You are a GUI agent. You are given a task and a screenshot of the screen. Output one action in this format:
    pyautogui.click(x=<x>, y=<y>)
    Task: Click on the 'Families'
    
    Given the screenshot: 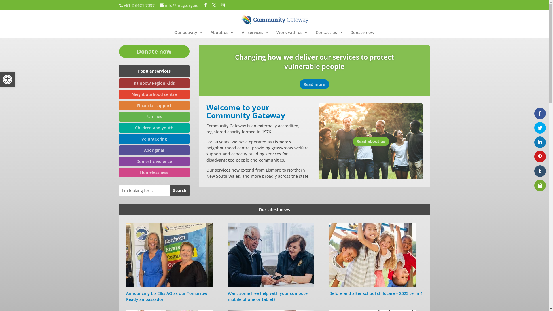 What is the action you would take?
    pyautogui.click(x=118, y=117)
    